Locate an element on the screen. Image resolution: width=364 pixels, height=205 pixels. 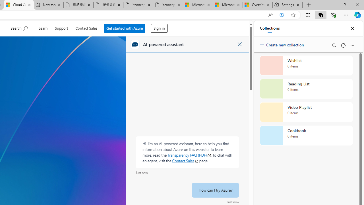
'Sign in' is located at coordinates (159, 28).